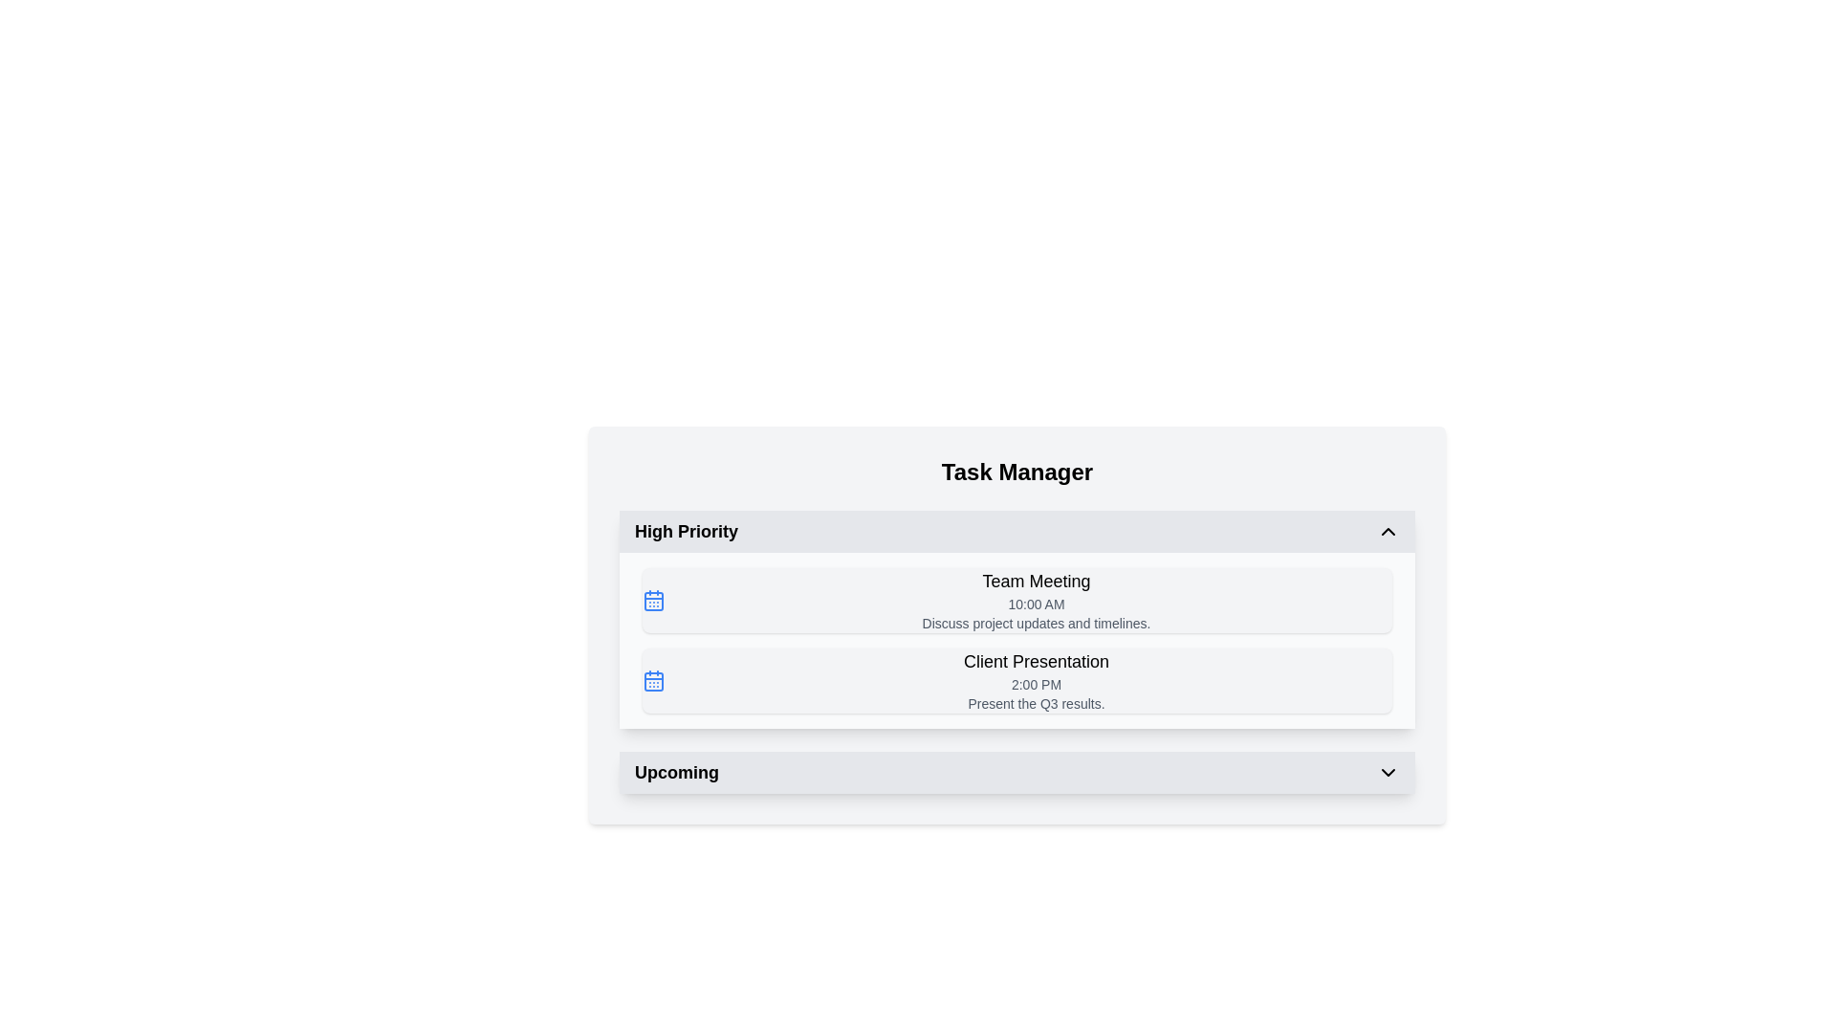 This screenshot has width=1836, height=1033. What do you see at coordinates (1036, 660) in the screenshot?
I see `the 'Client Presentation' text label, which is styled in bold and larger font, from its current position in the 'High Priority' section` at bounding box center [1036, 660].